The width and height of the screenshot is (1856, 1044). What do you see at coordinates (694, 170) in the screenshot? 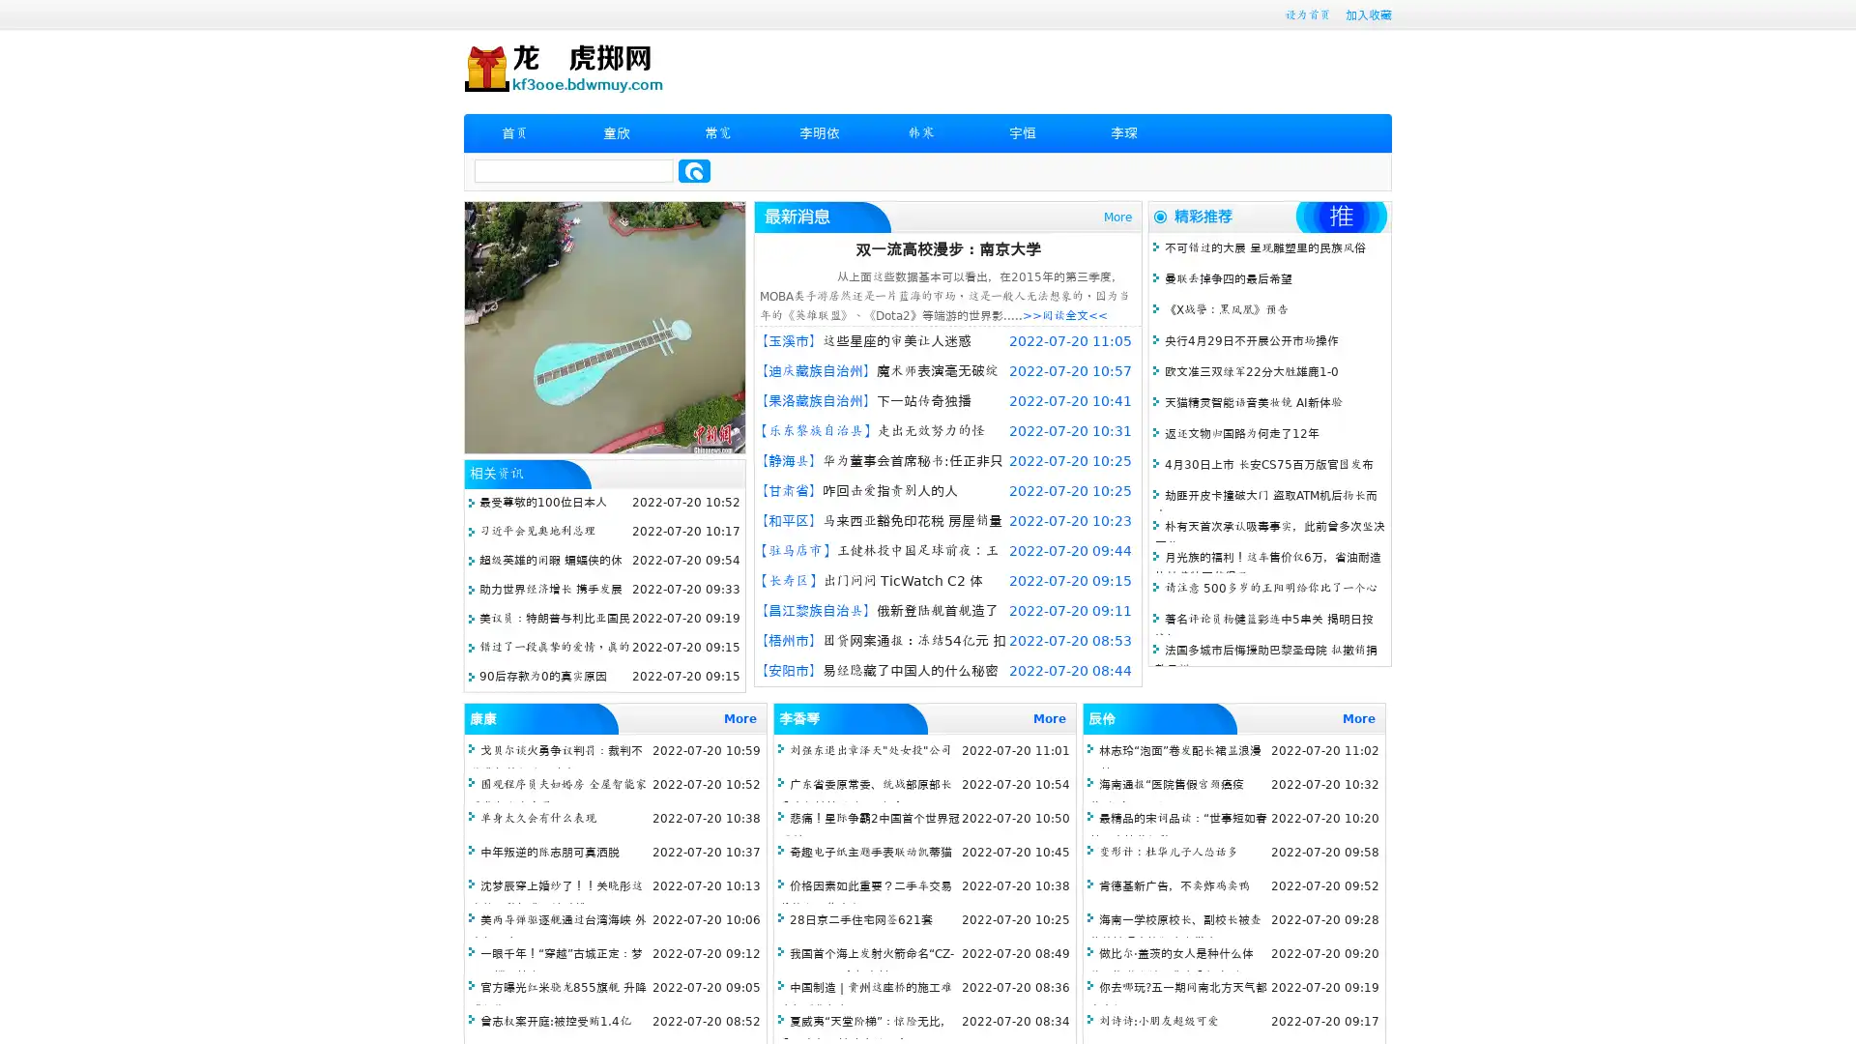
I see `Search` at bounding box center [694, 170].